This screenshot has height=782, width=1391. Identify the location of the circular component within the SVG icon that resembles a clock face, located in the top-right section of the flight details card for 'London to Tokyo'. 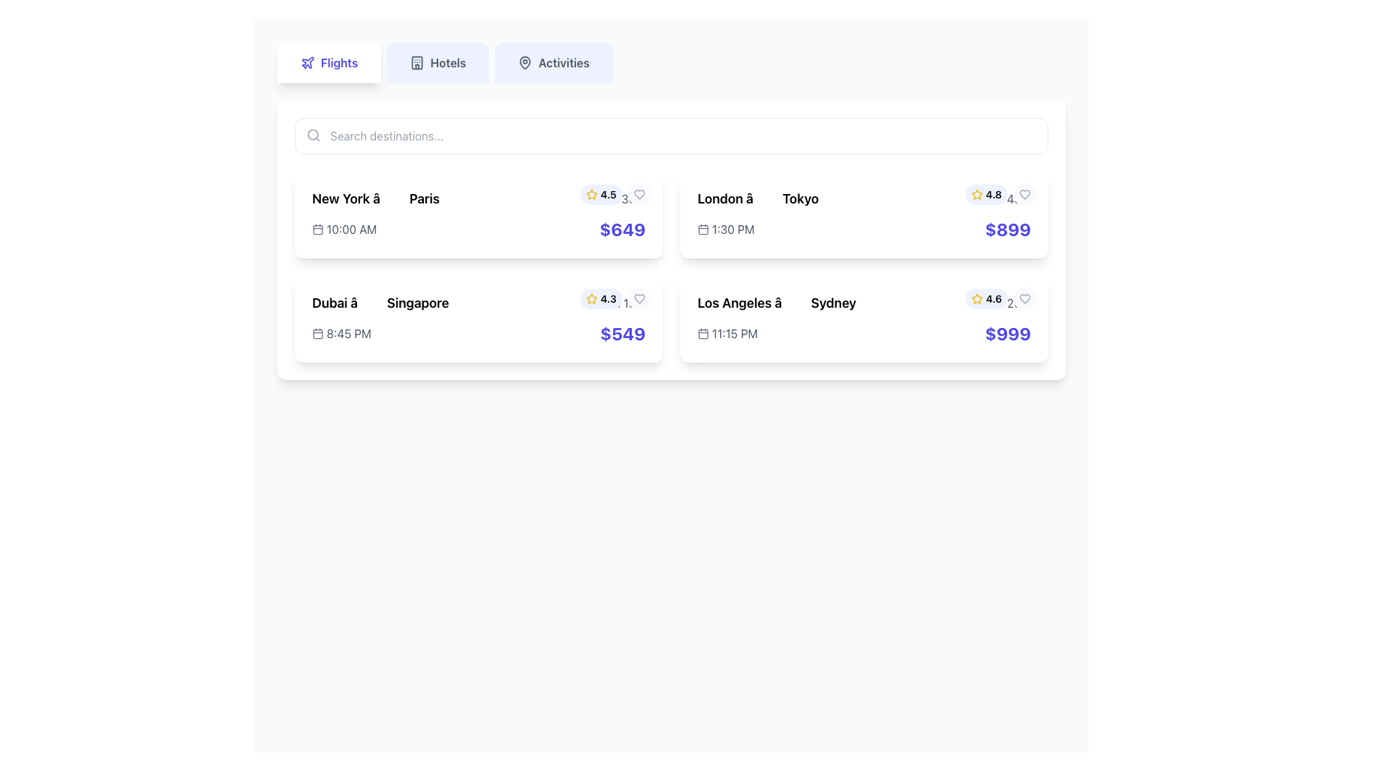
(978, 198).